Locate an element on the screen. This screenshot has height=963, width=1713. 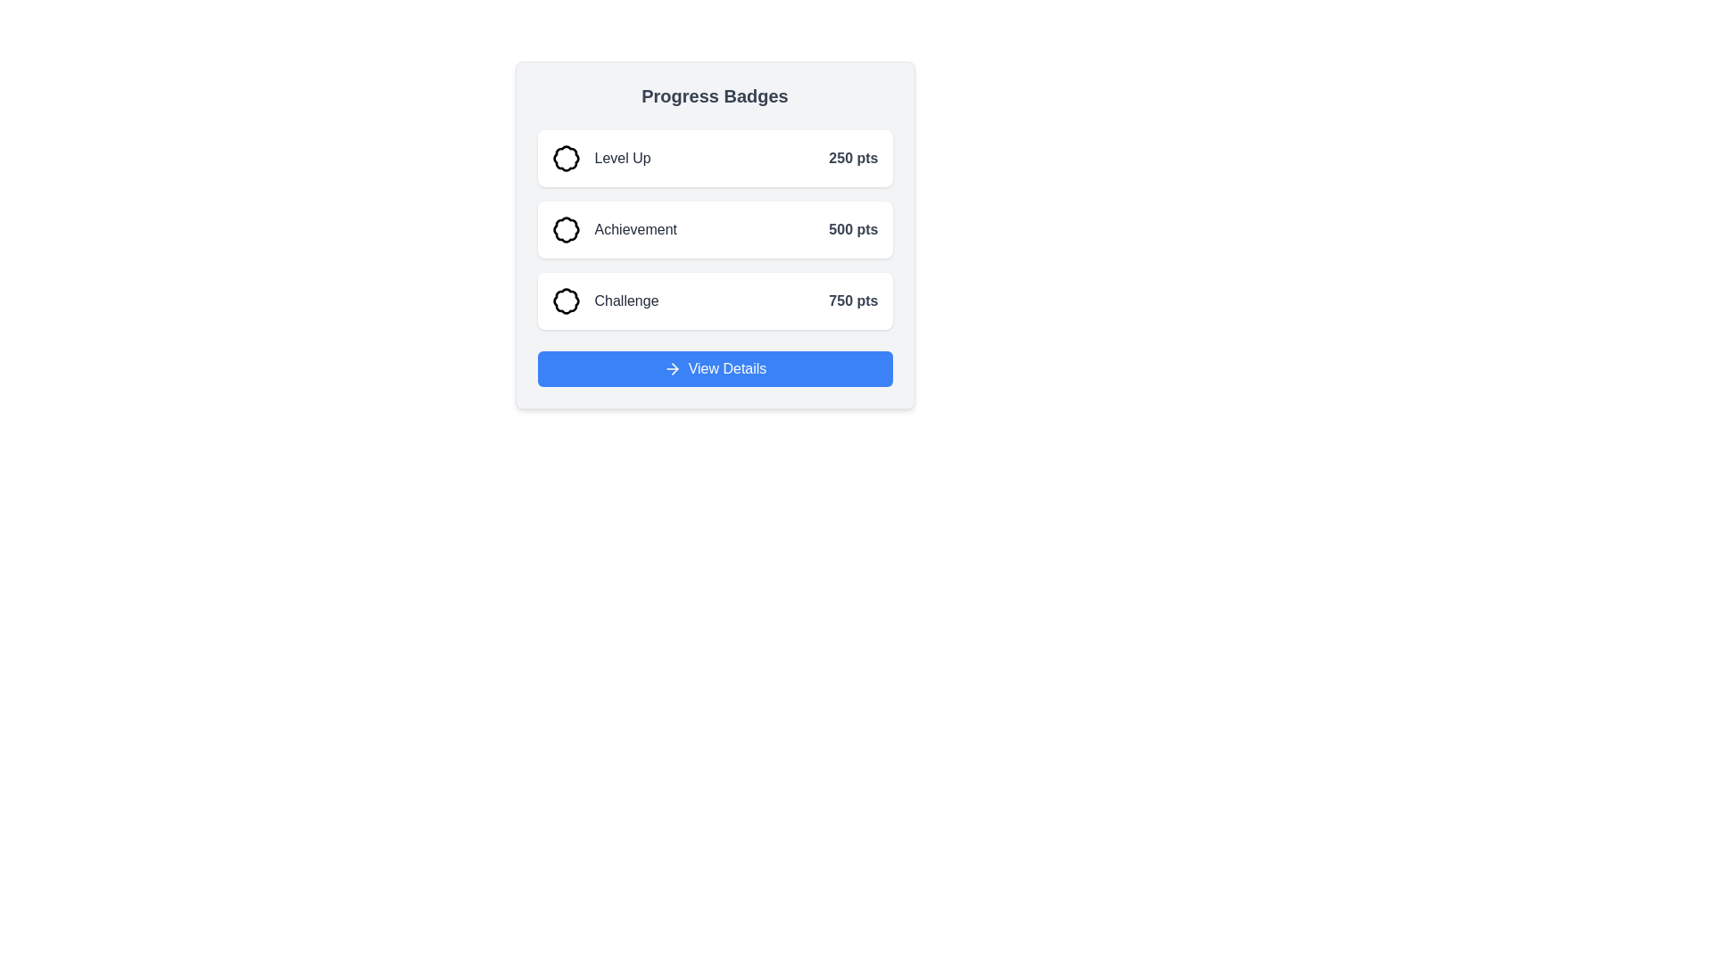
the second informational card displaying an achievement and its associated points, located between 'Level Up' and 'Challenge' in the vertical list is located at coordinates (715, 229).